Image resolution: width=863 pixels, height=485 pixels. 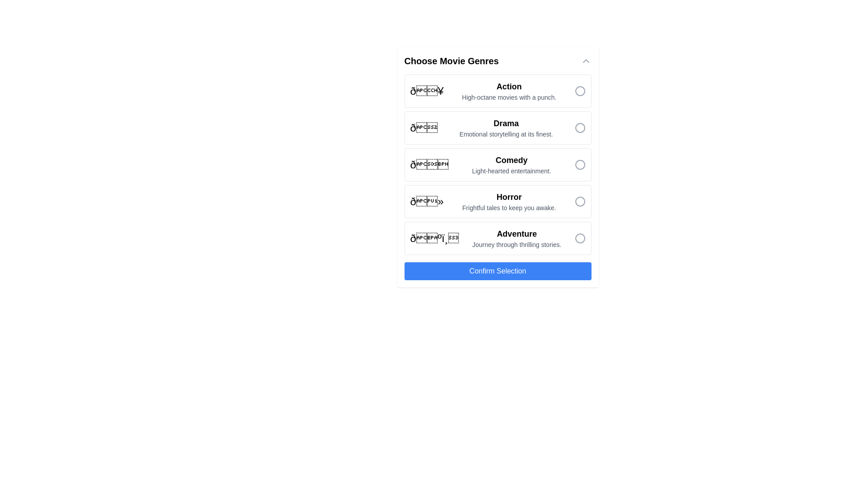 What do you see at coordinates (434, 238) in the screenshot?
I see `the stylized film or document icon located at the left edge of the 'Adventure' option row` at bounding box center [434, 238].